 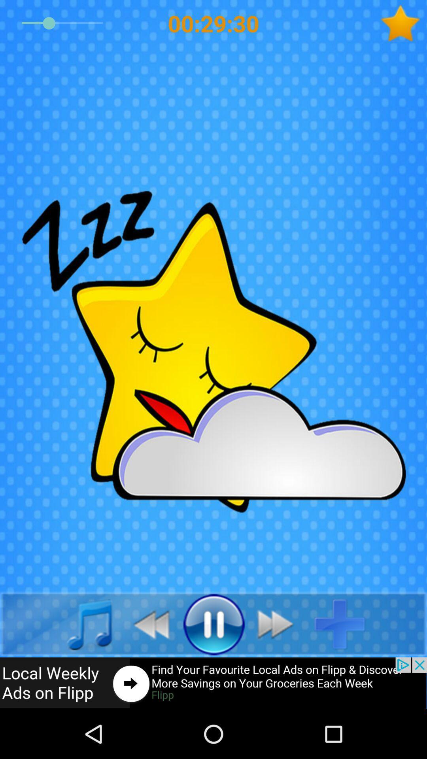 I want to click on favourite option, so click(x=403, y=23).